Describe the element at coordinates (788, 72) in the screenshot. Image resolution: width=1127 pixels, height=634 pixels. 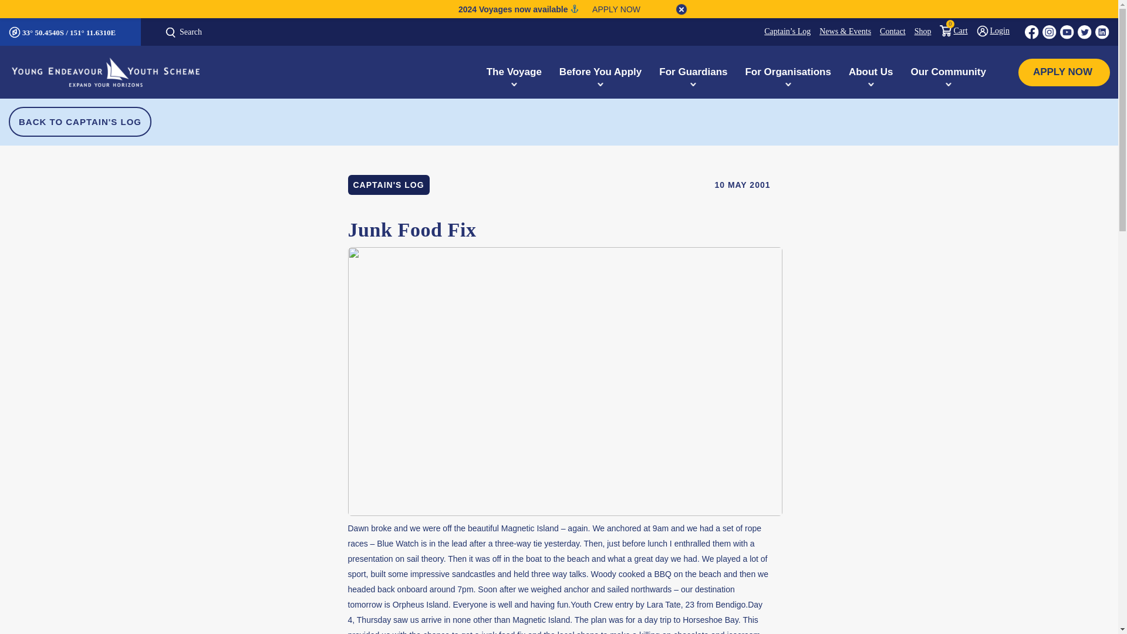
I see `'For Organisations'` at that location.